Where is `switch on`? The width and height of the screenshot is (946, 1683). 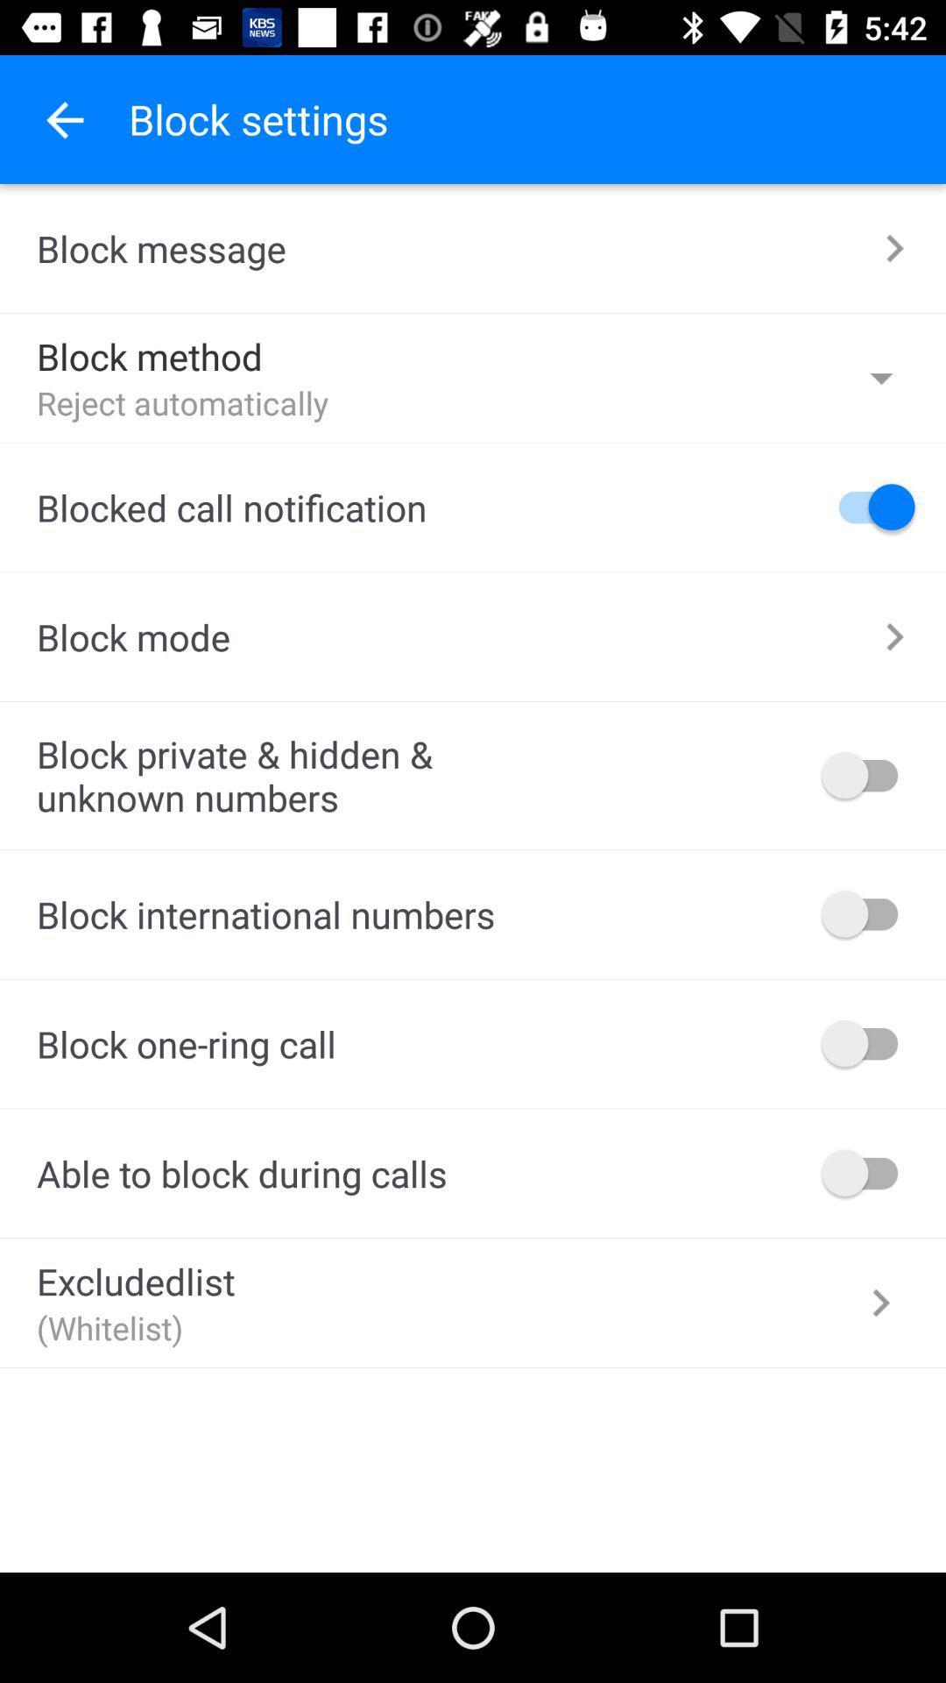
switch on is located at coordinates (868, 774).